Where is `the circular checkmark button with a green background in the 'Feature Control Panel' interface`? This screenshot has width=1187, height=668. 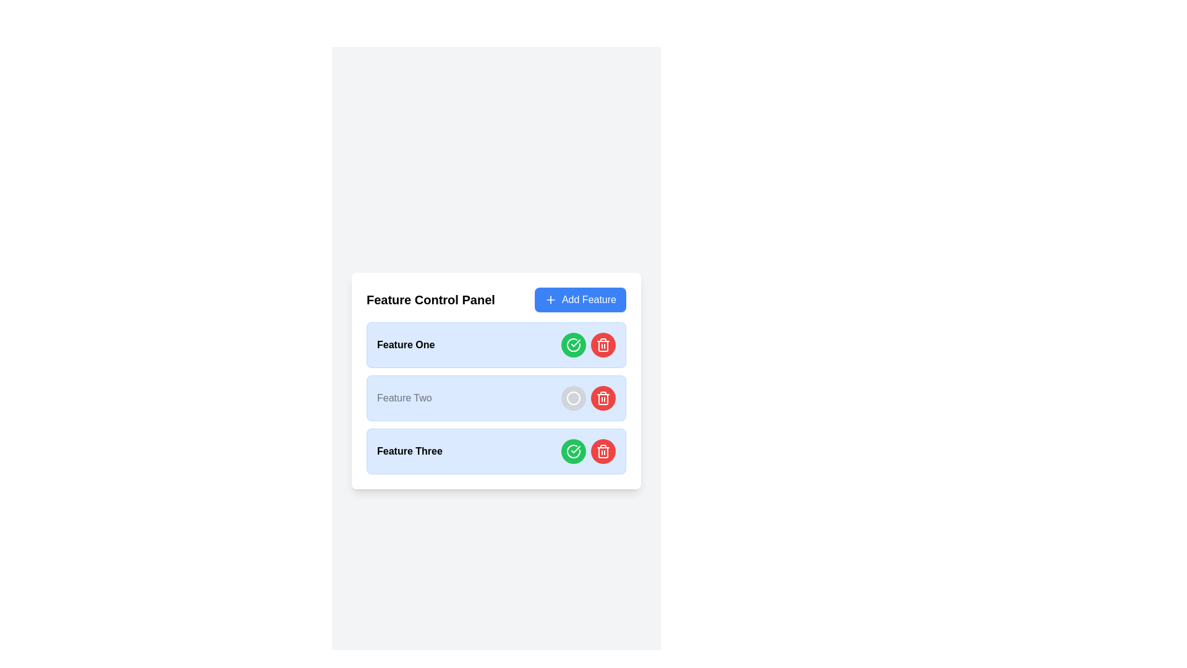
the circular checkmark button with a green background in the 'Feature Control Panel' interface is located at coordinates (572, 451).